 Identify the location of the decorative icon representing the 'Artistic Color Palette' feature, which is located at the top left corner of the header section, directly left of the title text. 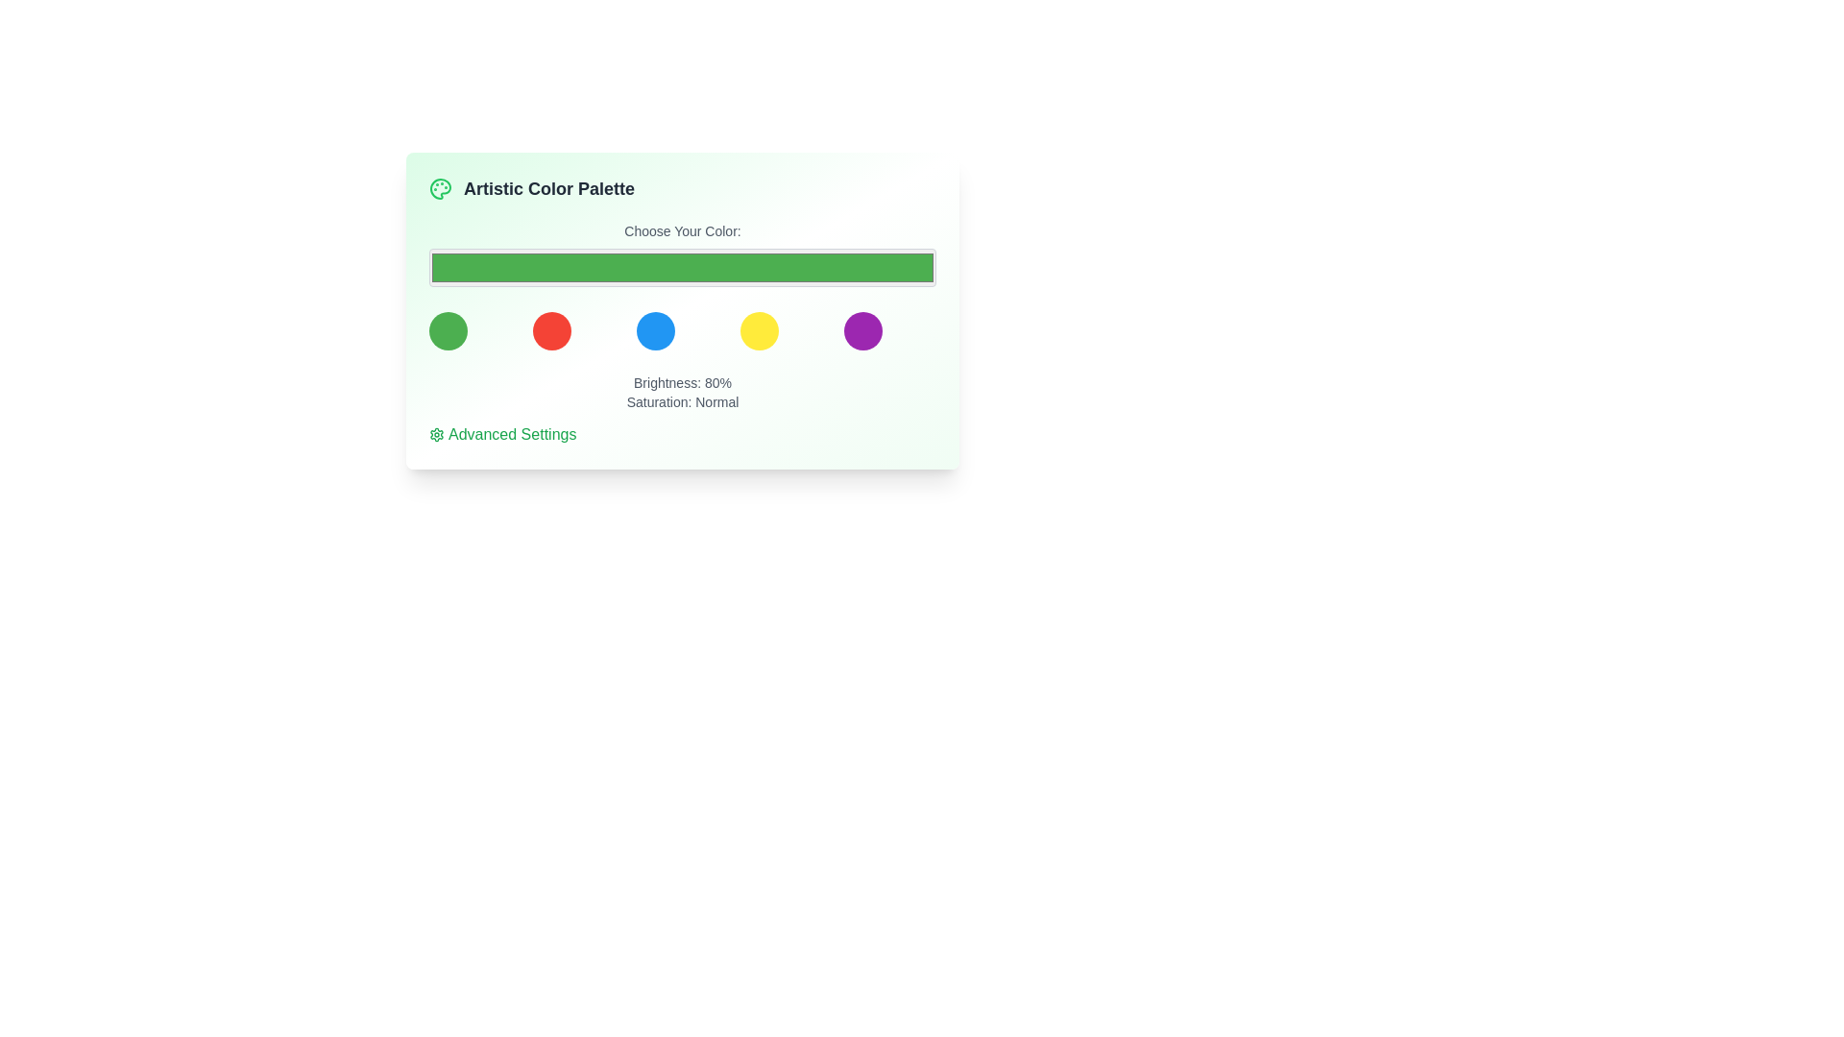
(440, 188).